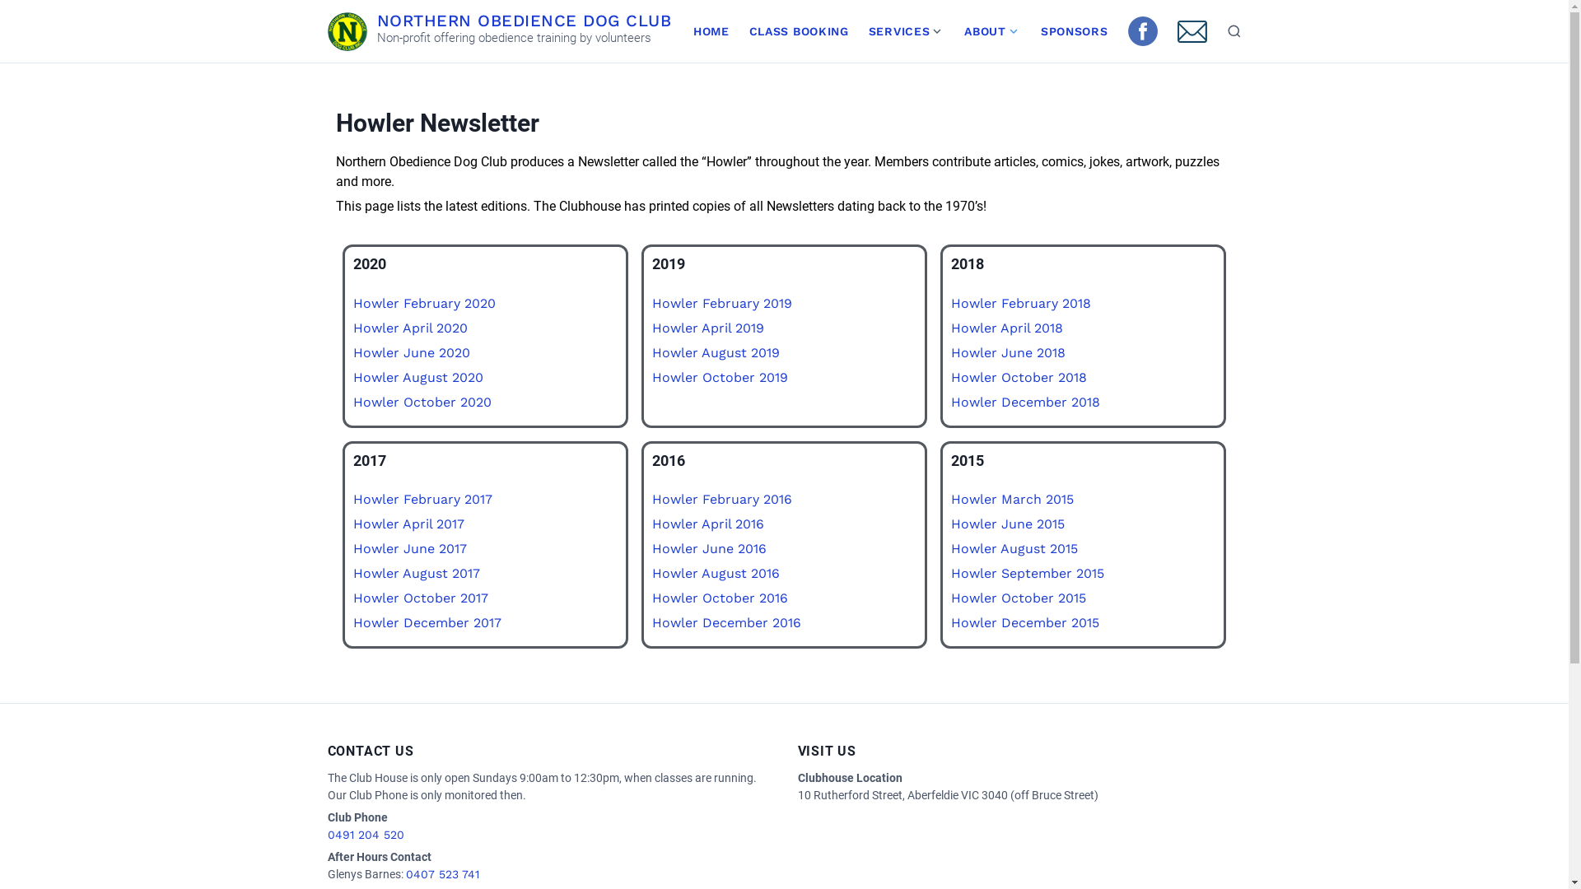 This screenshot has height=889, width=1581. I want to click on 'Howler August 2019', so click(716, 351).